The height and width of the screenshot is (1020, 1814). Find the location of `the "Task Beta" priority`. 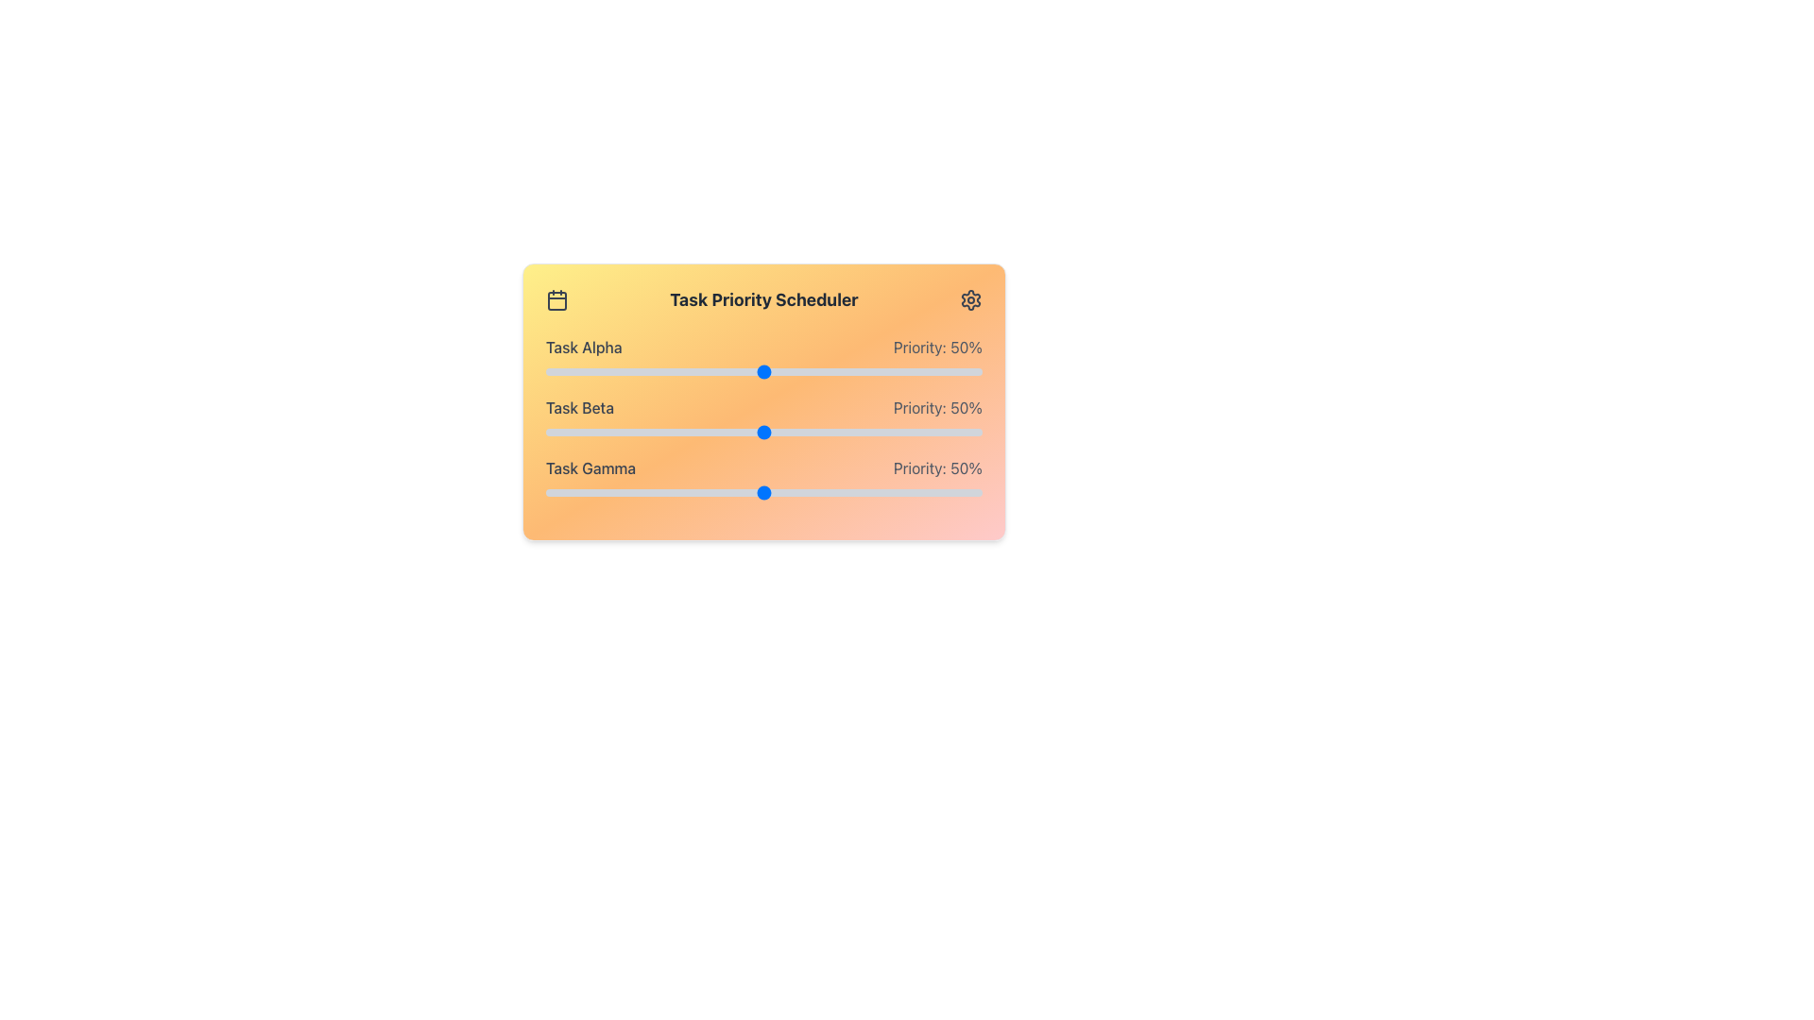

the "Task Beta" priority is located at coordinates (969, 433).